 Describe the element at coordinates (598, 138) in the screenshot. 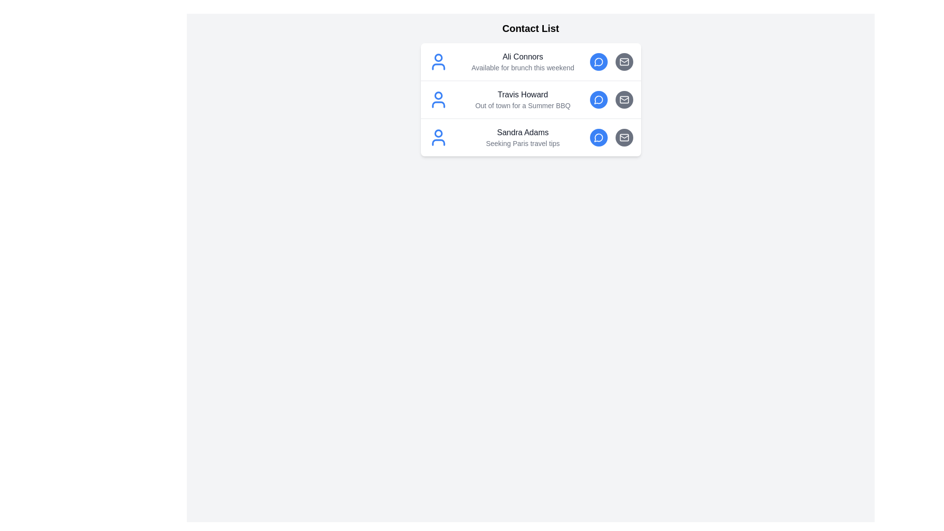

I see `the icon button representing the chat feature for the contact 'Sandra Adams', which is the second interactive icon in the contact entry row` at that location.